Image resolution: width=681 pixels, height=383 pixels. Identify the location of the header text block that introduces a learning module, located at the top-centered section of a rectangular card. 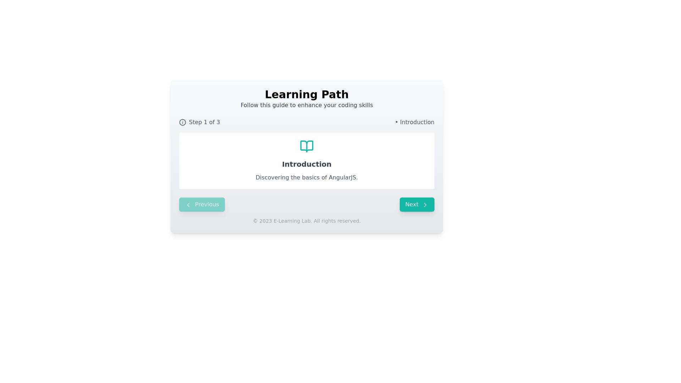
(306, 99).